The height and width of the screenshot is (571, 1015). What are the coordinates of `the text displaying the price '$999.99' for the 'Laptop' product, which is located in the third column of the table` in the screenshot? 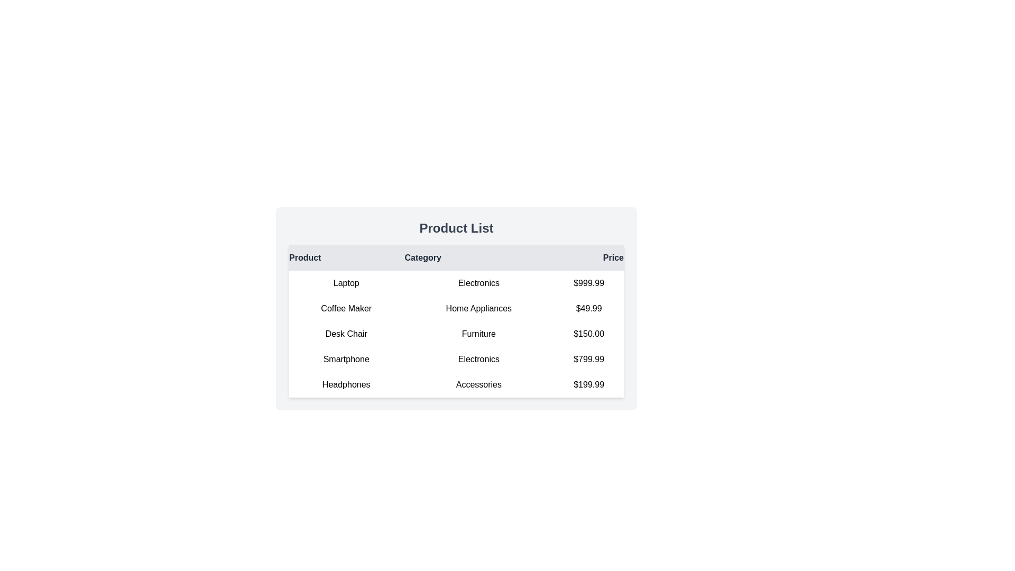 It's located at (588, 283).